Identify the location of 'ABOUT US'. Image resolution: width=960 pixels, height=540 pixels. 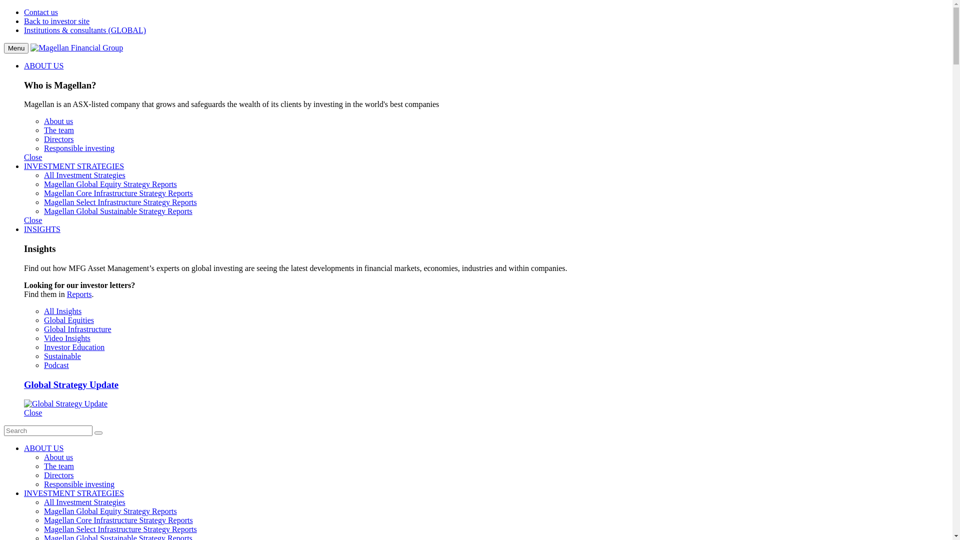
(24, 447).